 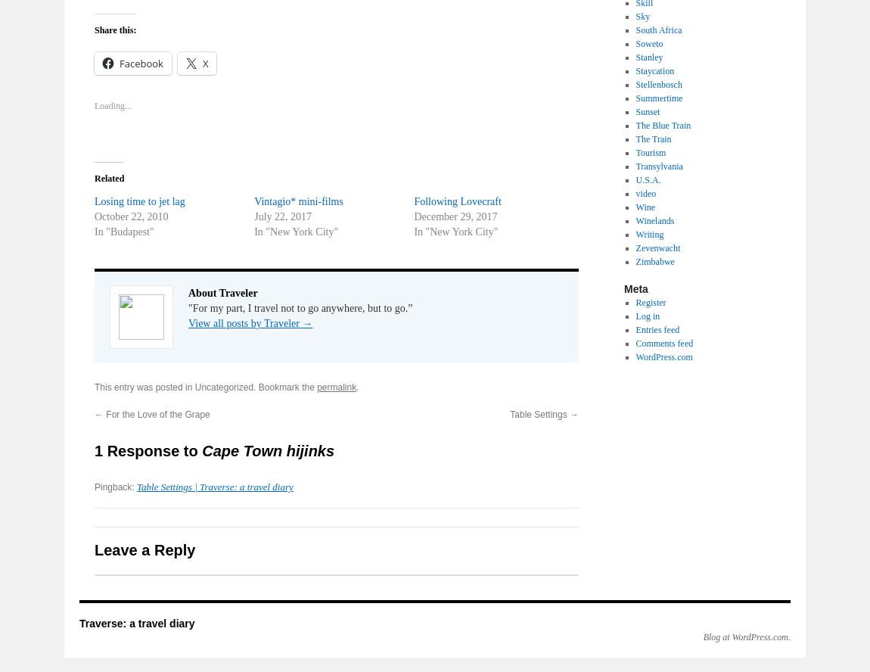 What do you see at coordinates (268, 451) in the screenshot?
I see `'Cape Town hijinks'` at bounding box center [268, 451].